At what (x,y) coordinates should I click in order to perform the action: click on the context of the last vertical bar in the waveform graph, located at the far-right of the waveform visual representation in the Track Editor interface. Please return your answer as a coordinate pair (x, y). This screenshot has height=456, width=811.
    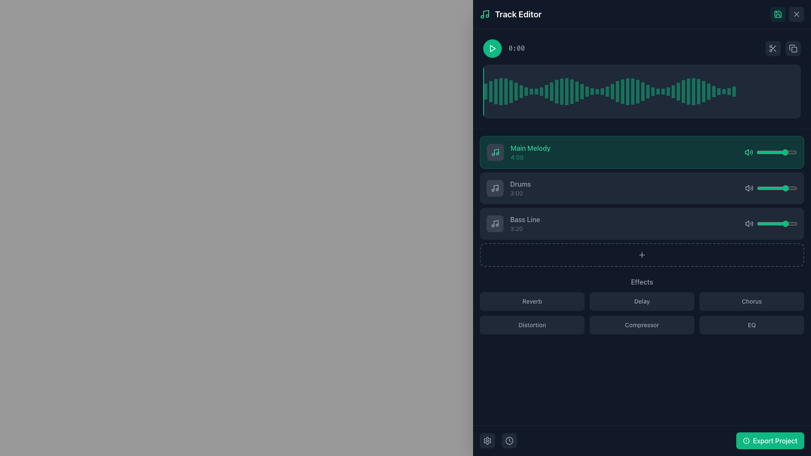
    Looking at the image, I should click on (733, 91).